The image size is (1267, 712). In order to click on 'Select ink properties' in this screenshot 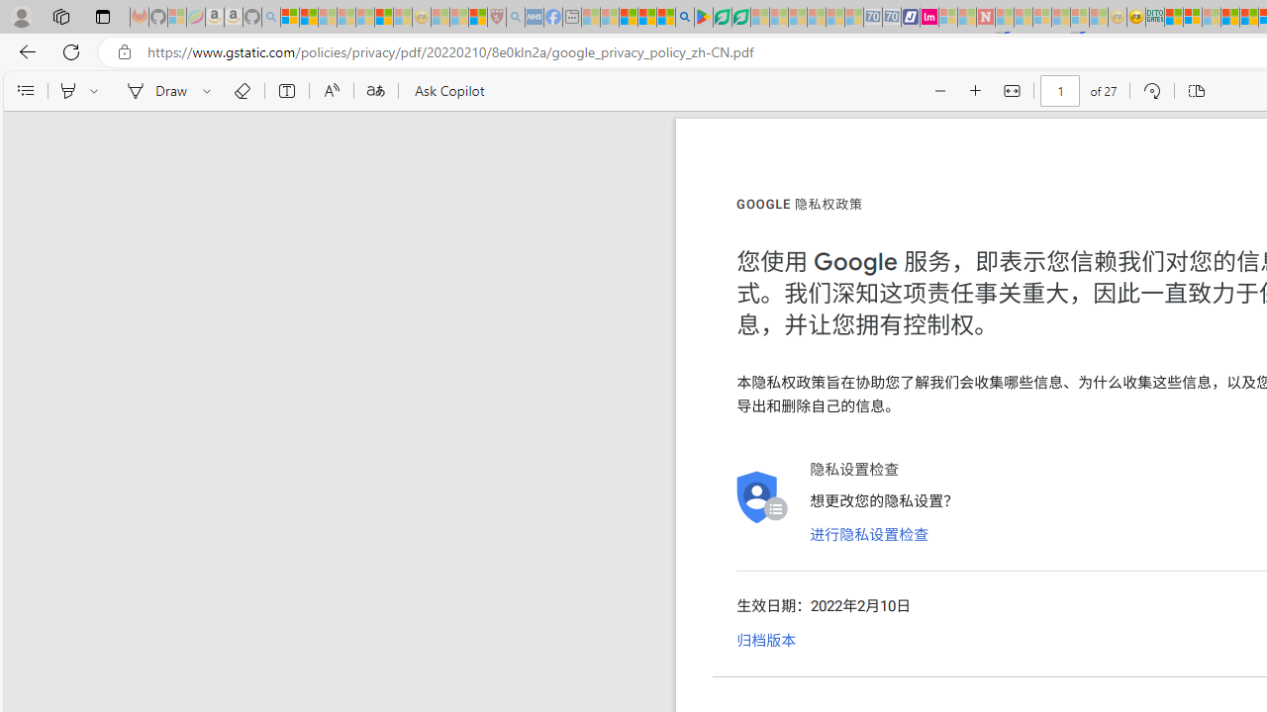, I will do `click(210, 91)`.